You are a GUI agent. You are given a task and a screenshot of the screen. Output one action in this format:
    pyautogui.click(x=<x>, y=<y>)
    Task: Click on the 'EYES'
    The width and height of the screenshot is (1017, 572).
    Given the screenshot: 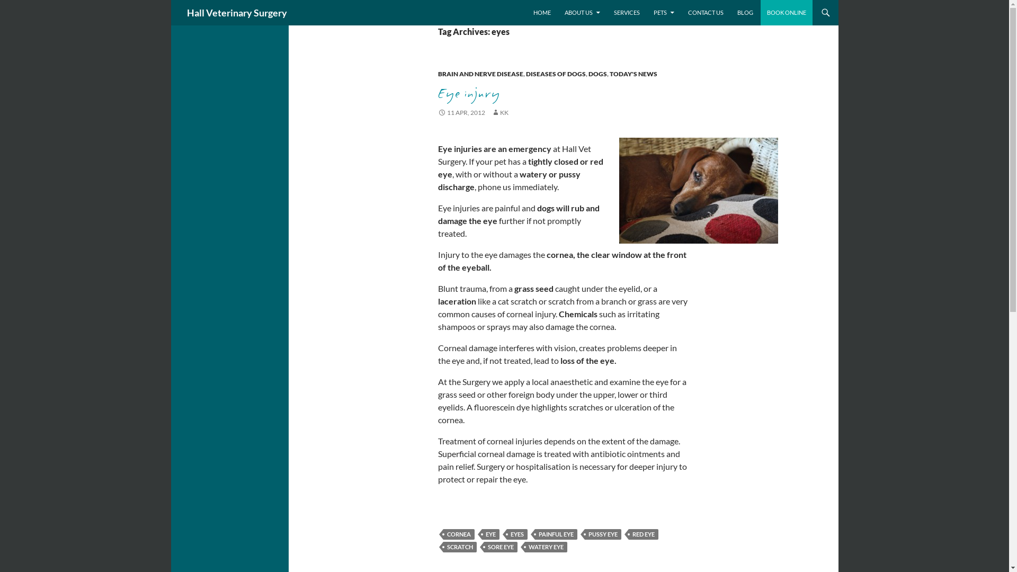 What is the action you would take?
    pyautogui.click(x=516, y=534)
    